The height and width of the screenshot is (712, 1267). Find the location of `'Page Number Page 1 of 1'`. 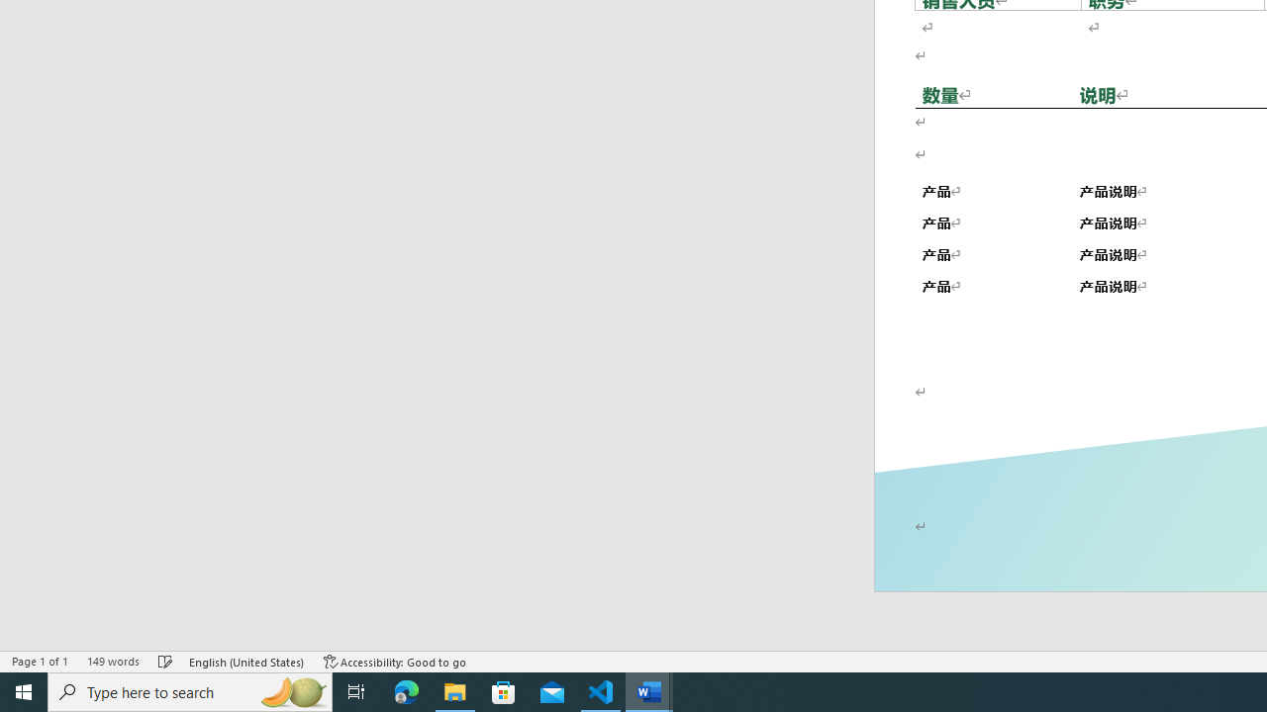

'Page Number Page 1 of 1' is located at coordinates (40, 662).